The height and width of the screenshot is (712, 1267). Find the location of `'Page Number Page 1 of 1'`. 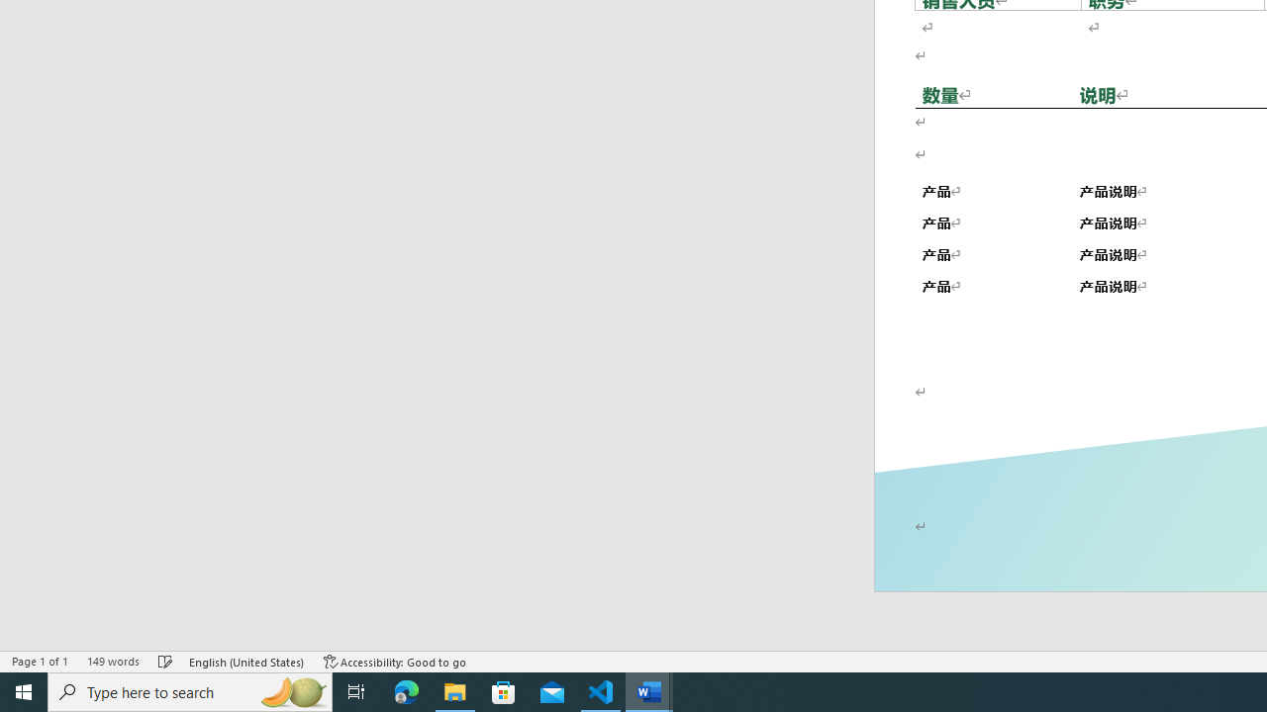

'Page Number Page 1 of 1' is located at coordinates (40, 662).